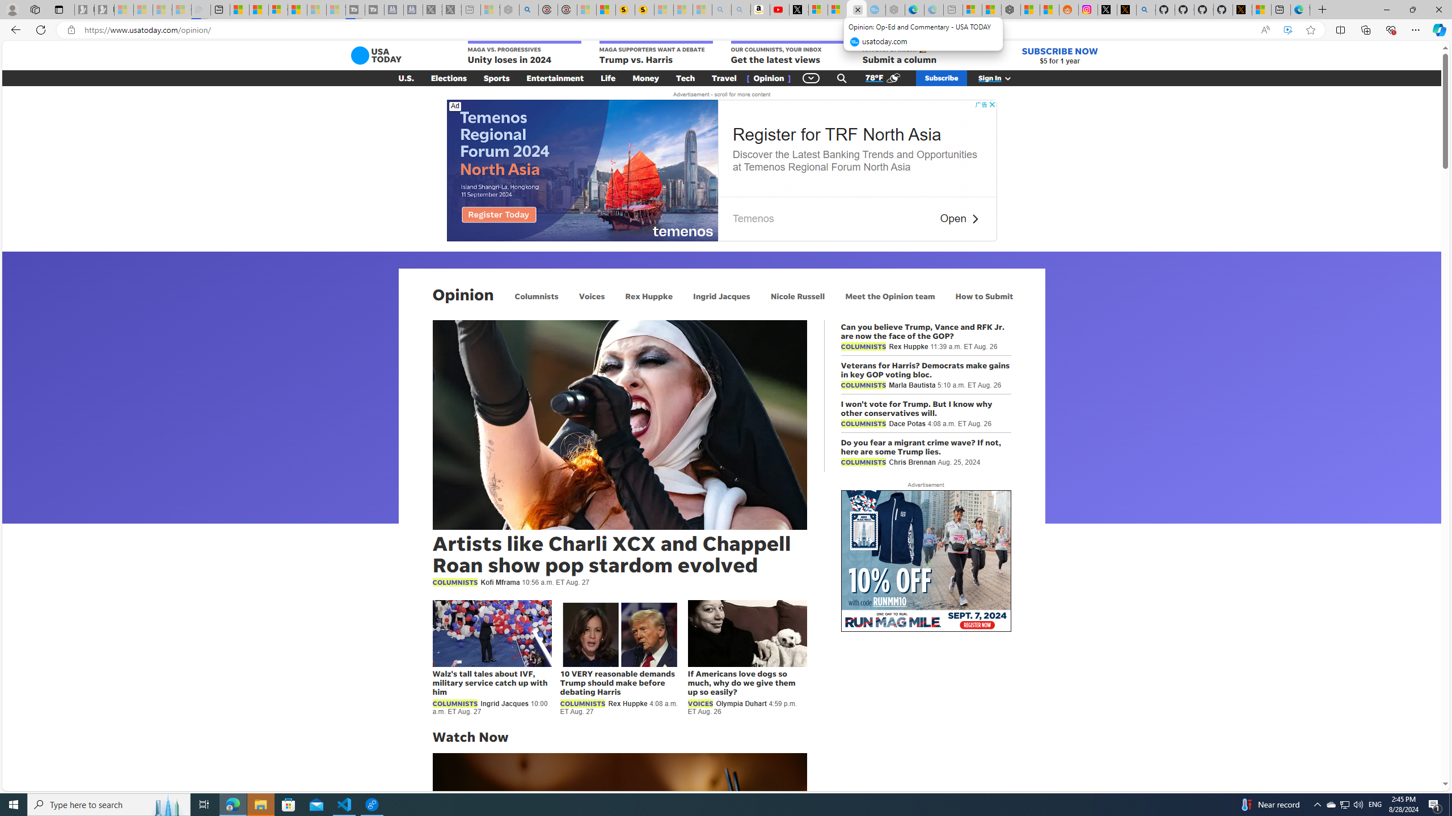 The height and width of the screenshot is (816, 1452). What do you see at coordinates (999, 78) in the screenshot?
I see `'Sign In'` at bounding box center [999, 78].